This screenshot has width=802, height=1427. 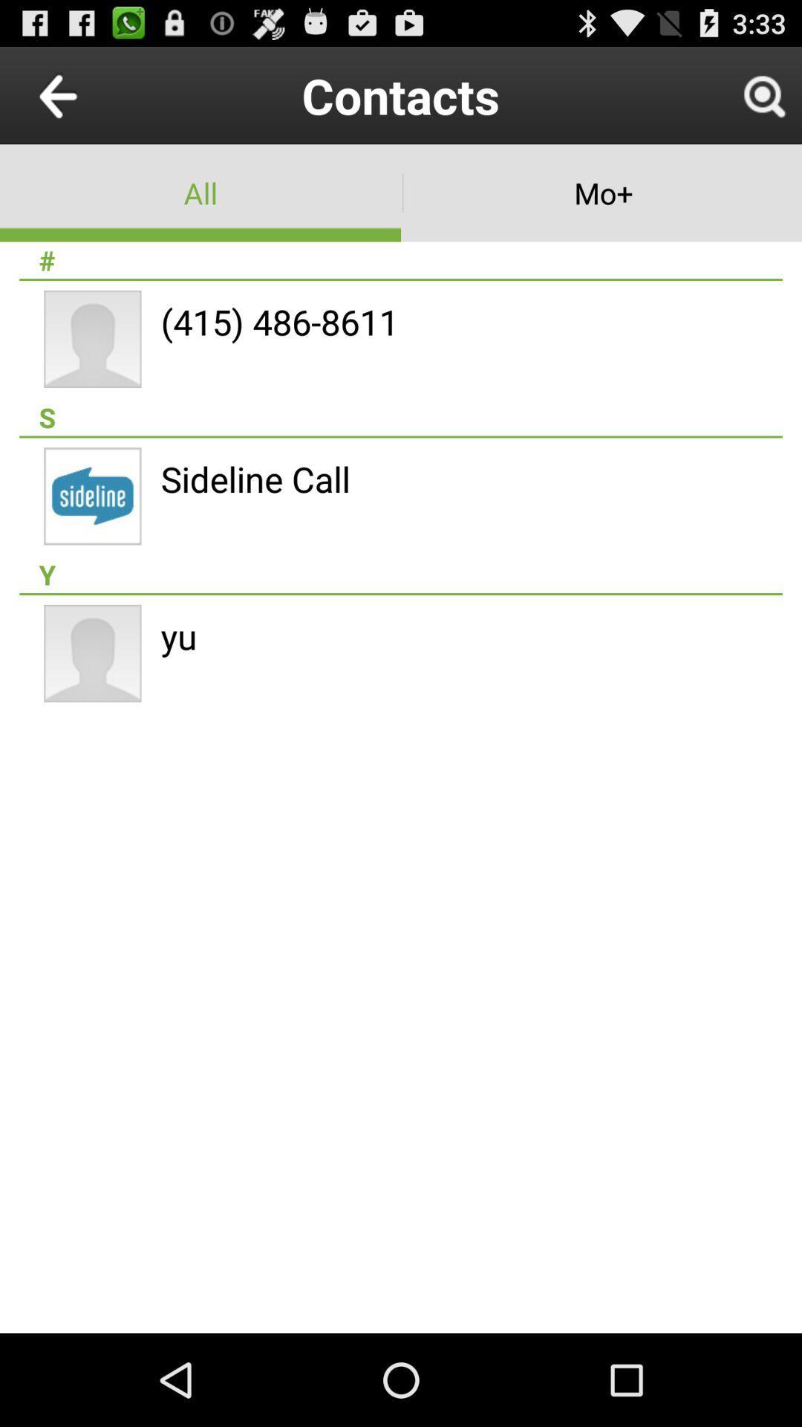 I want to click on s, so click(x=401, y=416).